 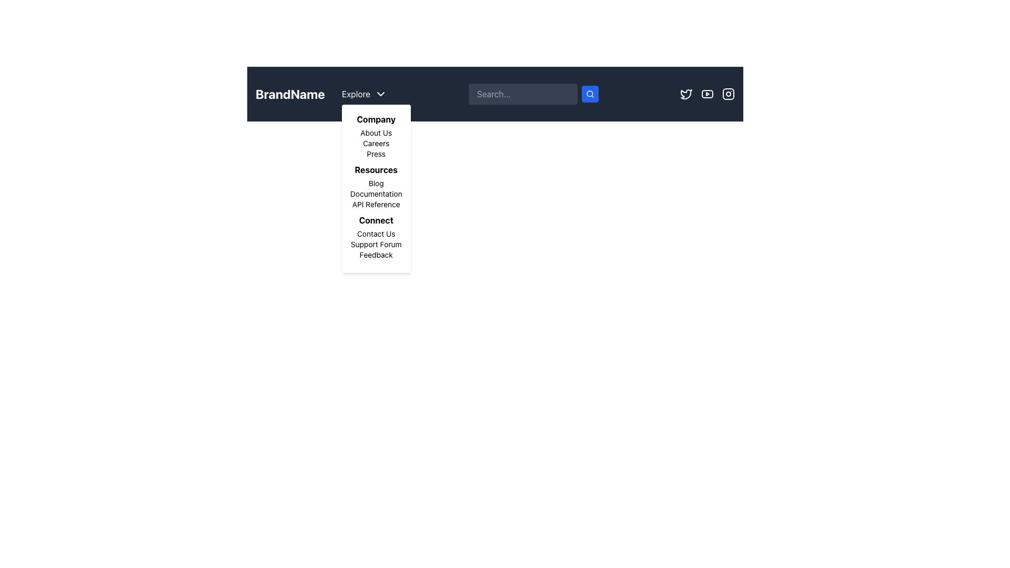 I want to click on the 'Documentation' hyperlink, which is the second item under 'Resources' in the dropdown menu, so click(x=376, y=194).